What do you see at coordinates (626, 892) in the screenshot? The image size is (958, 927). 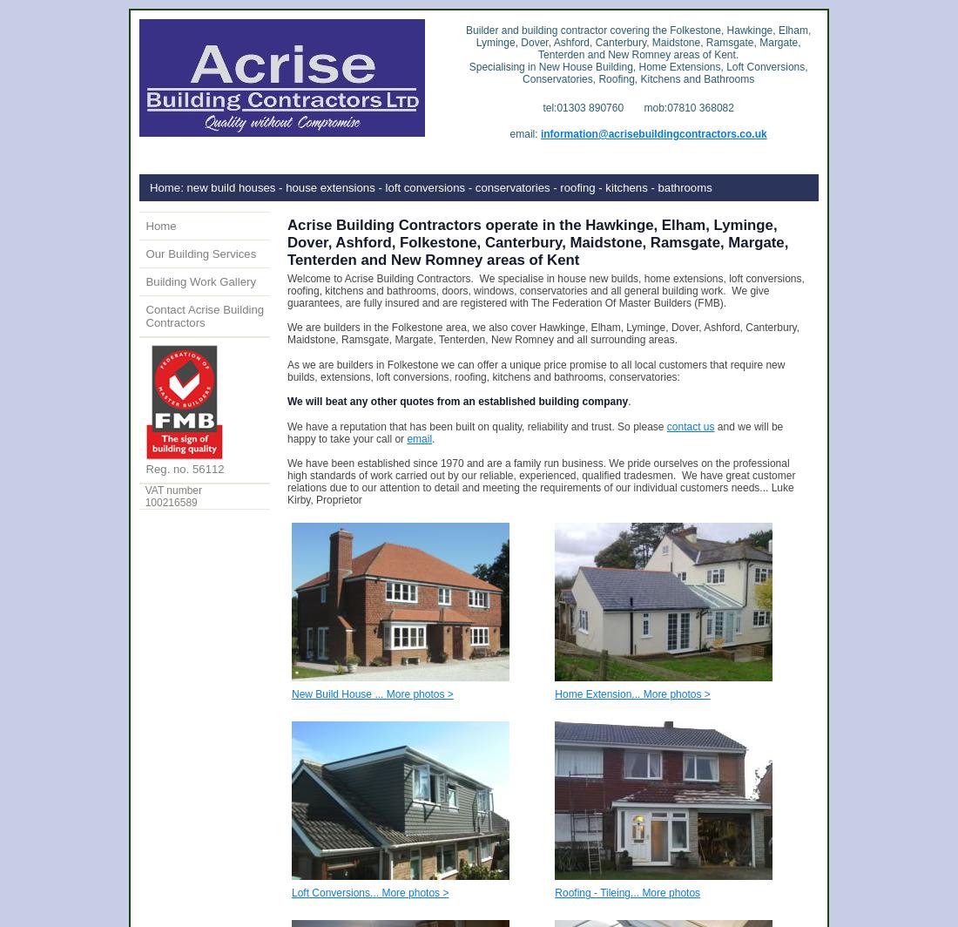 I see `'Roofing - Tileing... More photos'` at bounding box center [626, 892].